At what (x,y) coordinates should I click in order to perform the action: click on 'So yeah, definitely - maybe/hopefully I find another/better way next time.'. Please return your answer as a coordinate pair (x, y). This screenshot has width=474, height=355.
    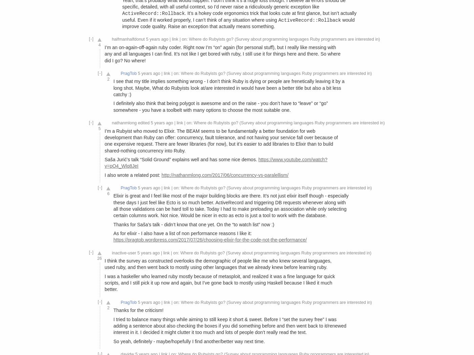
    Looking at the image, I should click on (189, 341).